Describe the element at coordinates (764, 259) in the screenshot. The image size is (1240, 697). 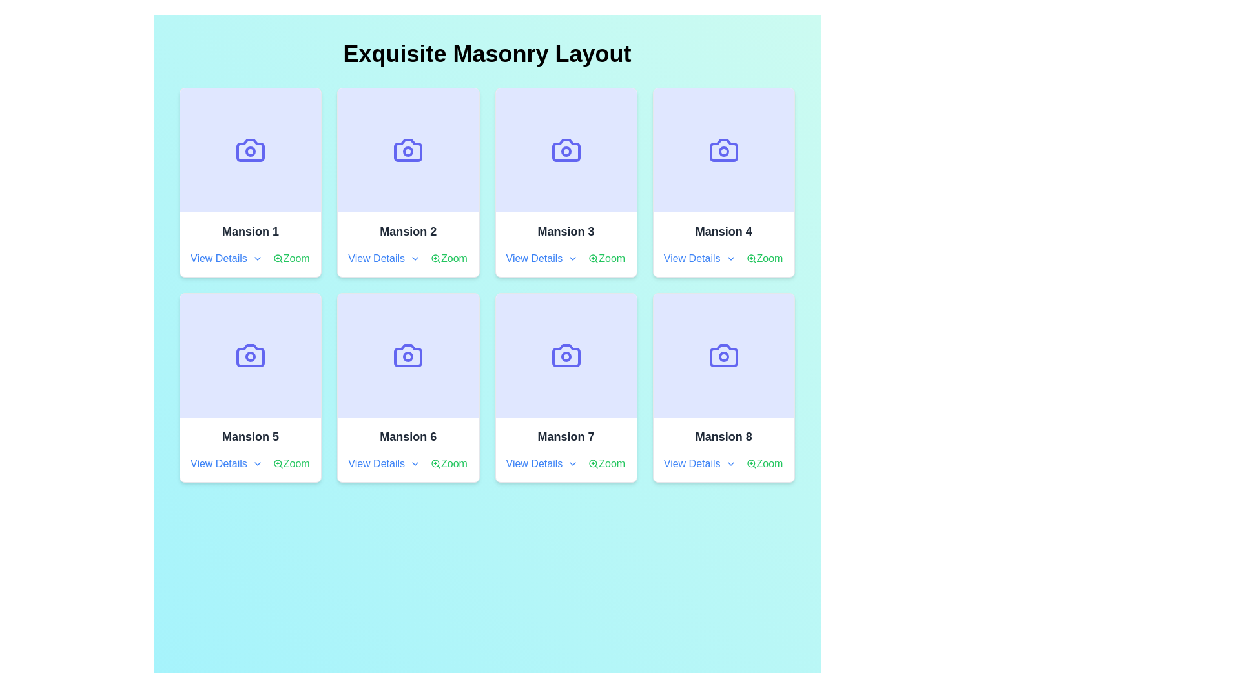
I see `the 'What this' text link with an accompanying icon in the bottom right corner of the 'Mansion 4' card` at that location.